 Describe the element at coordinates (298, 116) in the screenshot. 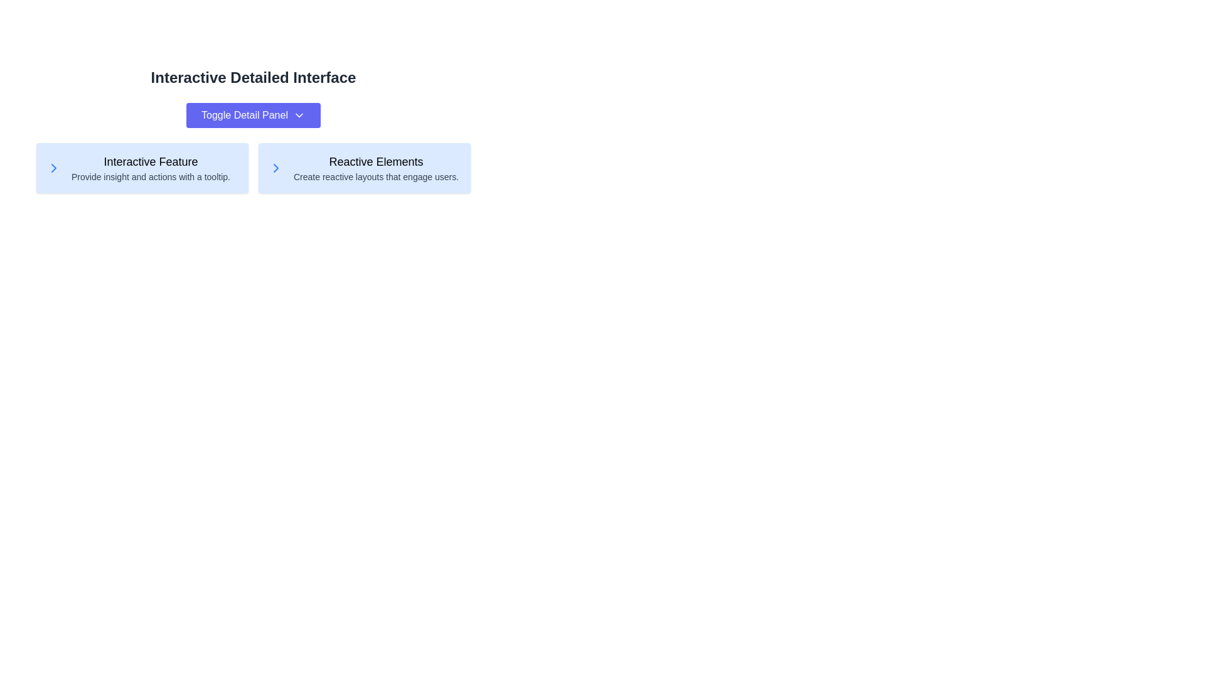

I see `the chevron icon that indicates the expandable or collapsible panel, located to the right side within the 'Toggle Detail Panel' button` at that location.